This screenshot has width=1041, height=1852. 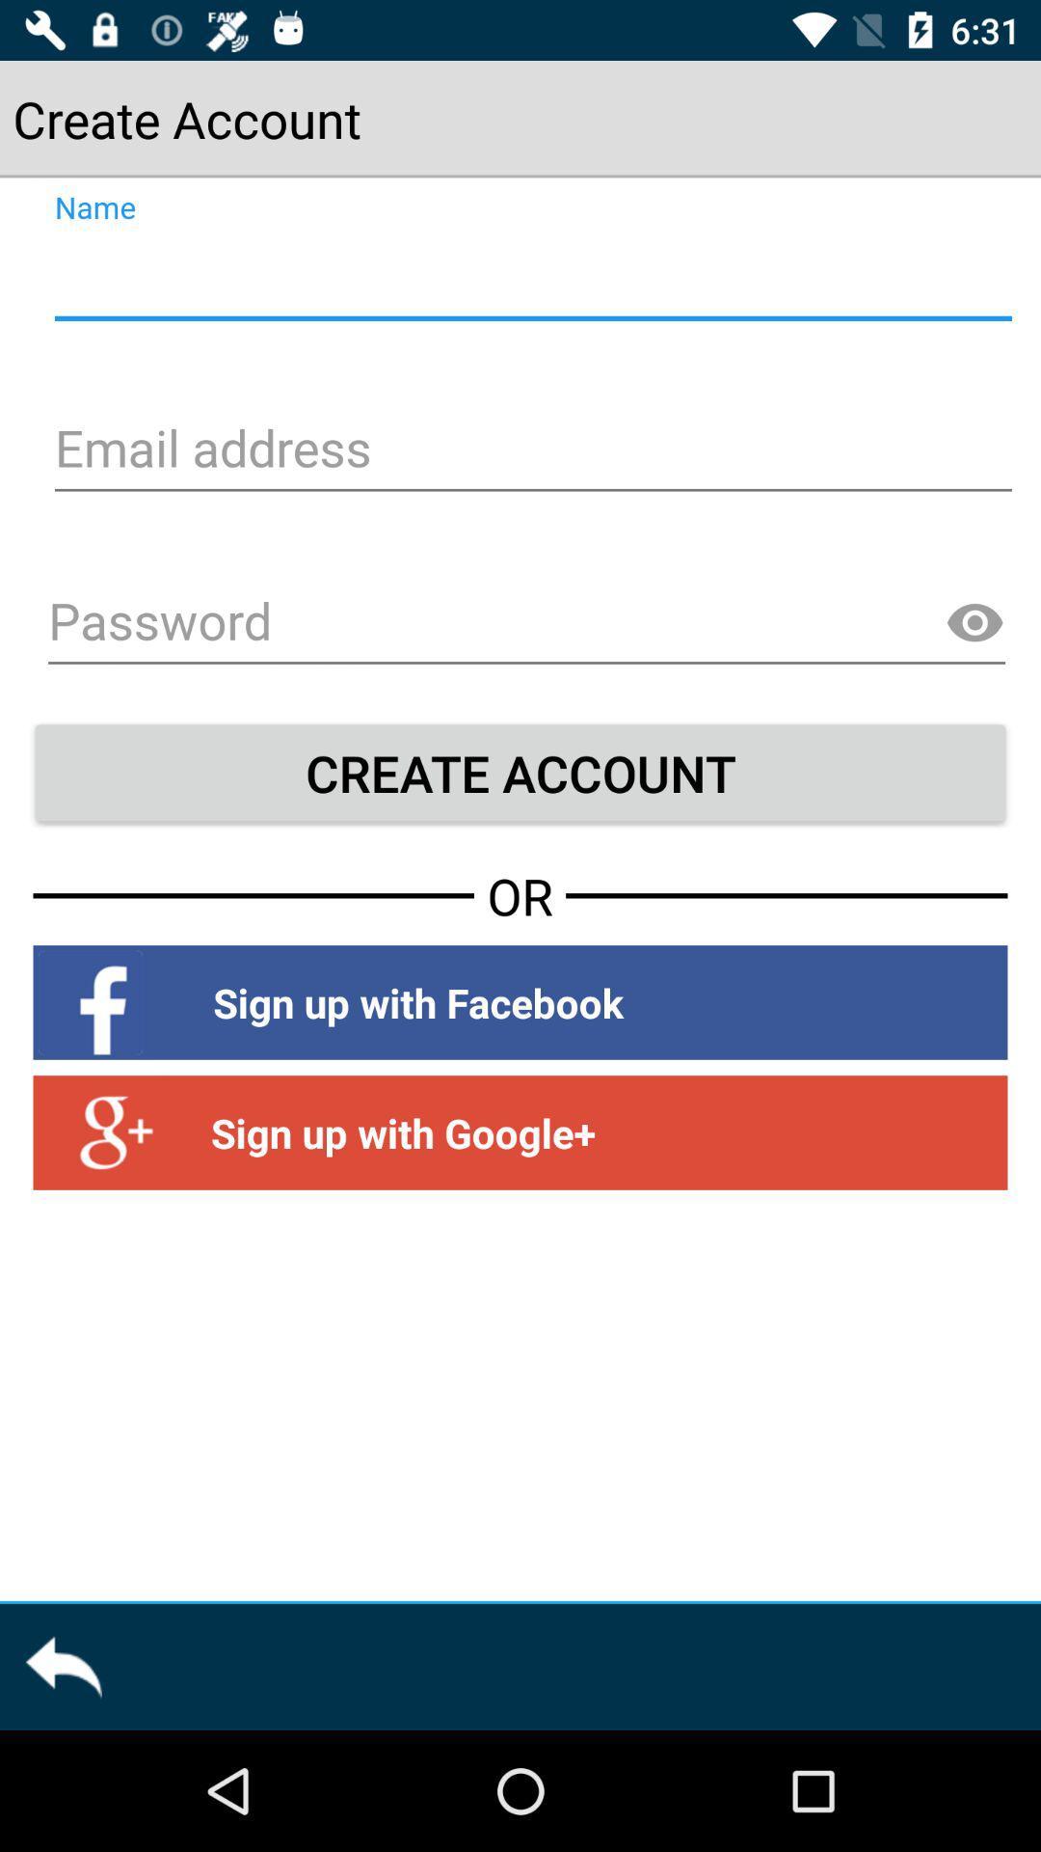 I want to click on email address, so click(x=530, y=450).